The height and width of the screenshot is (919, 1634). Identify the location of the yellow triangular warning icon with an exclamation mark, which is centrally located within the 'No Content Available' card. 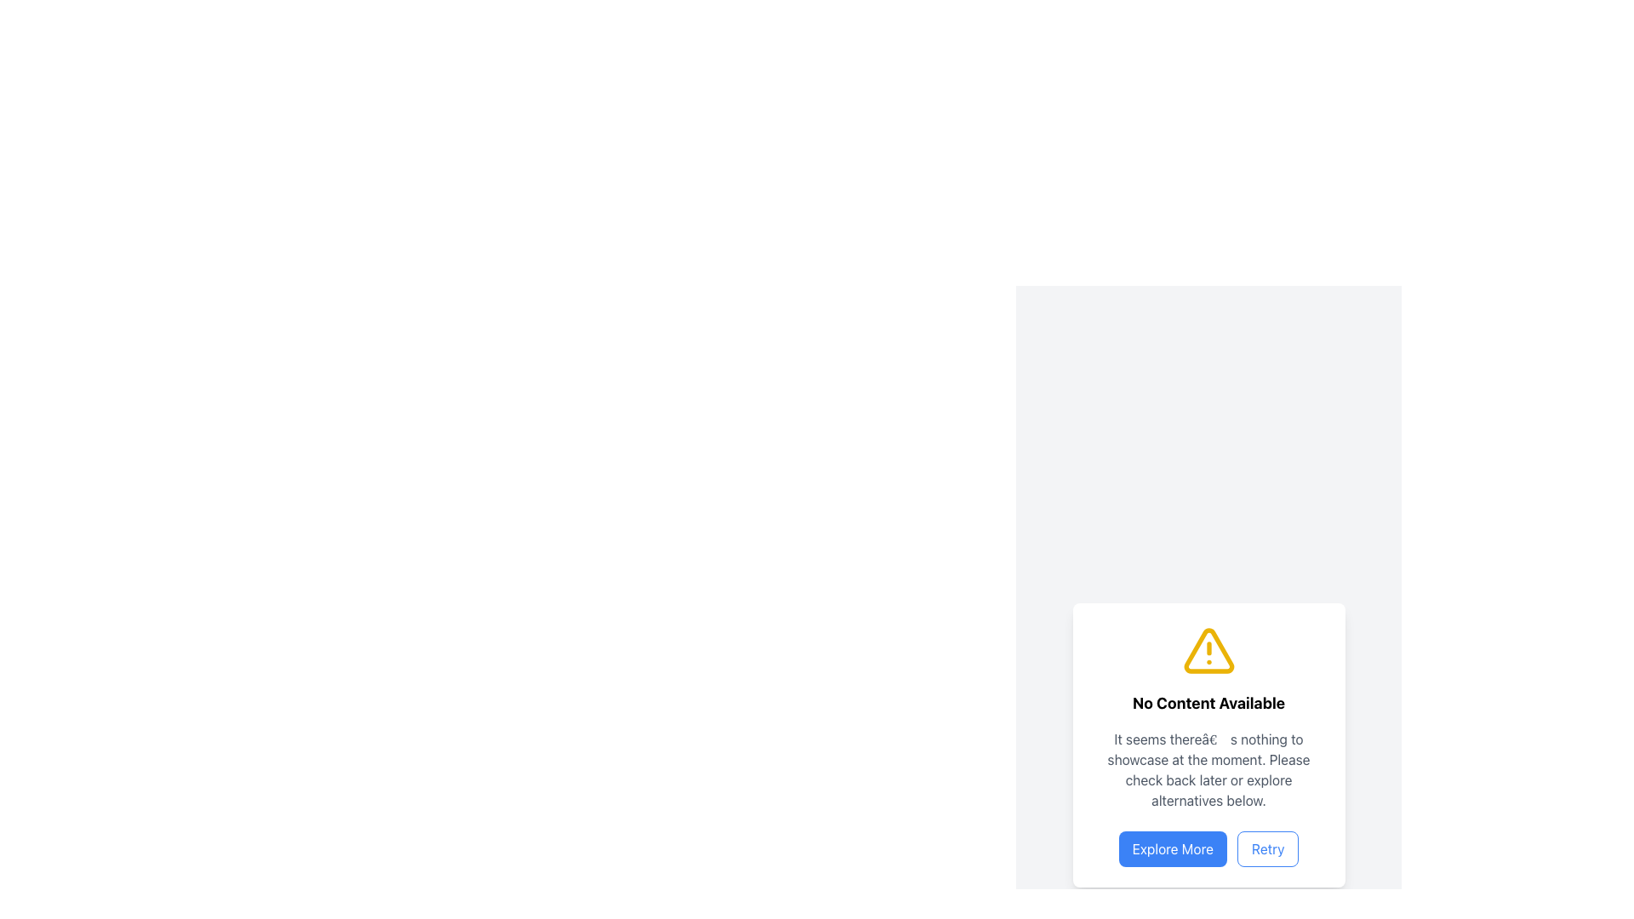
(1208, 650).